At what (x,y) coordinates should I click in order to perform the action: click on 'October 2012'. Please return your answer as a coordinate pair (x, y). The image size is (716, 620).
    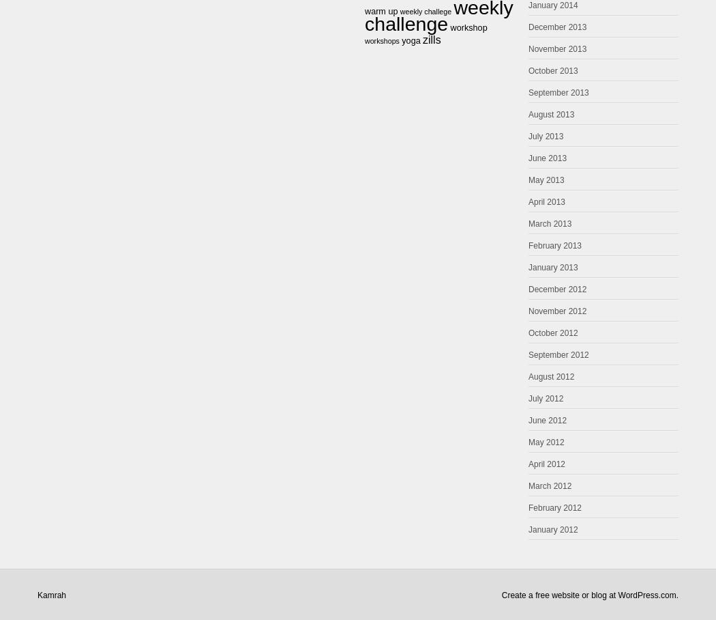
    Looking at the image, I should click on (552, 331).